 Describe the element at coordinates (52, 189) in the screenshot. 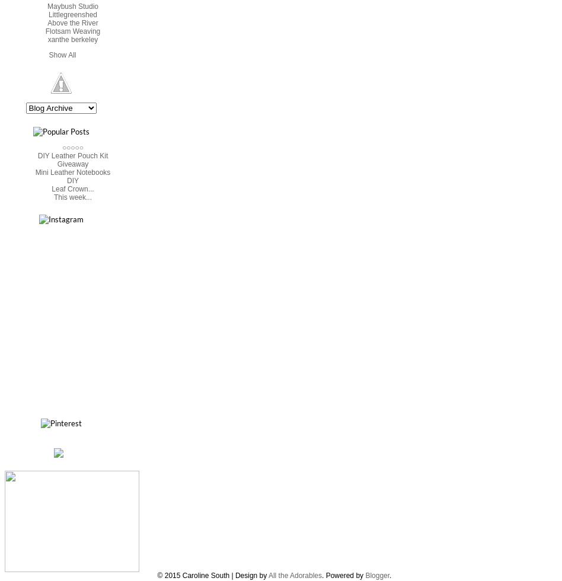

I see `'Leaf Crown...'` at that location.